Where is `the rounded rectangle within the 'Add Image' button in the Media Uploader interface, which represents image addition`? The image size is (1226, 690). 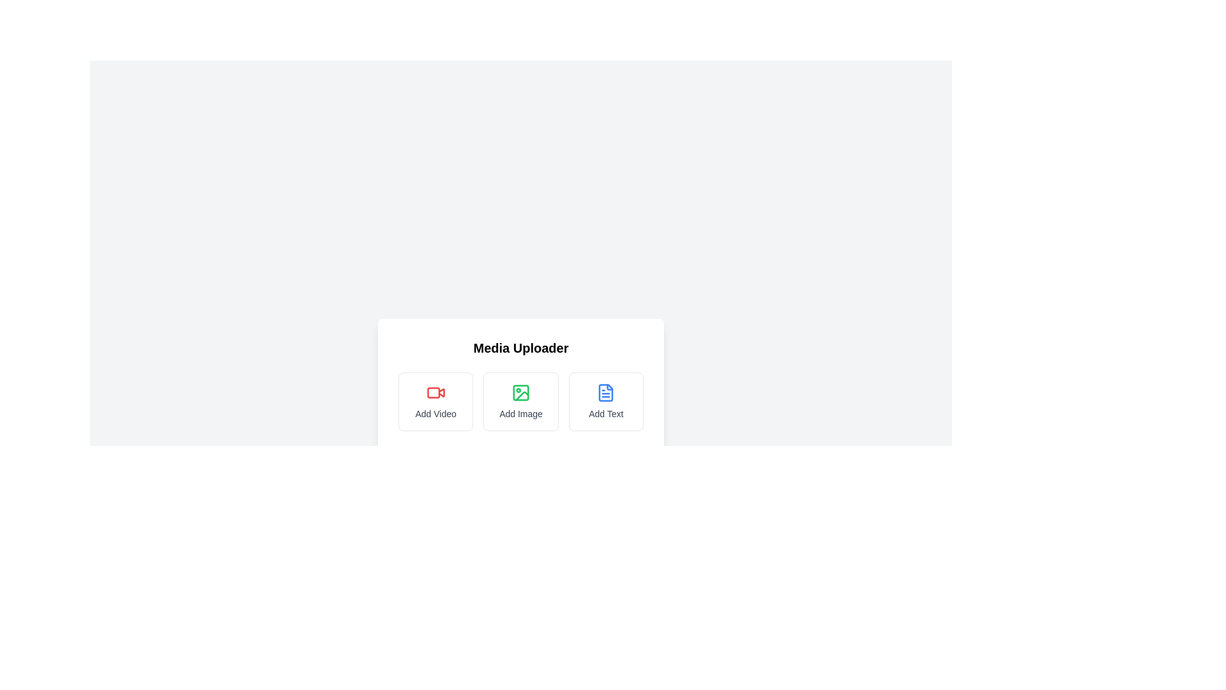 the rounded rectangle within the 'Add Image' button in the Media Uploader interface, which represents image addition is located at coordinates (521, 392).